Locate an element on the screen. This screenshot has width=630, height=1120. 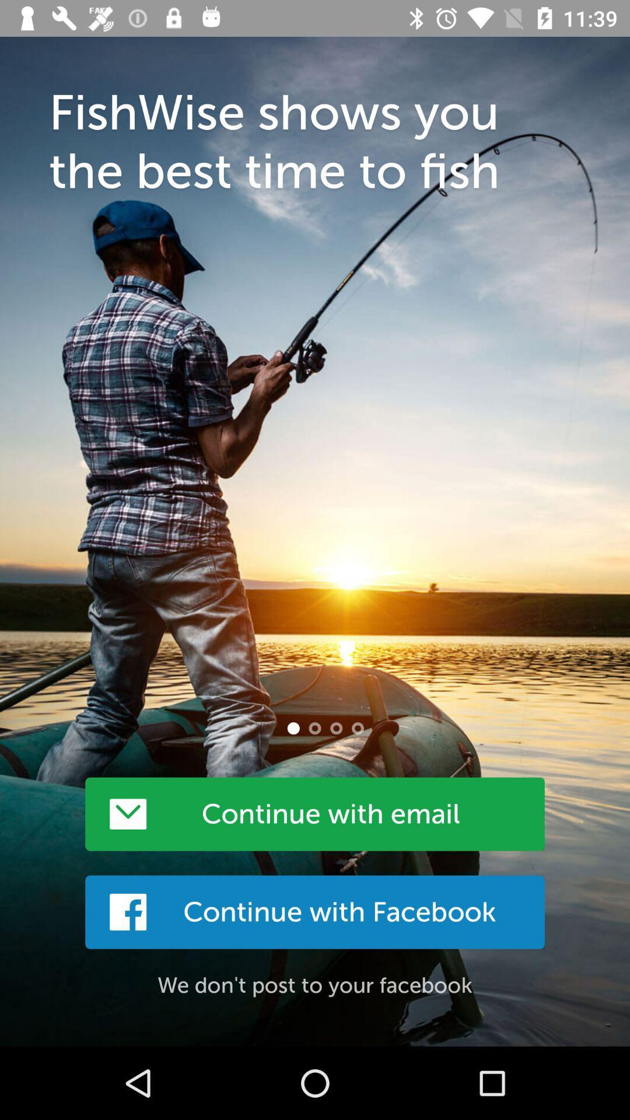
forth page is located at coordinates (357, 727).